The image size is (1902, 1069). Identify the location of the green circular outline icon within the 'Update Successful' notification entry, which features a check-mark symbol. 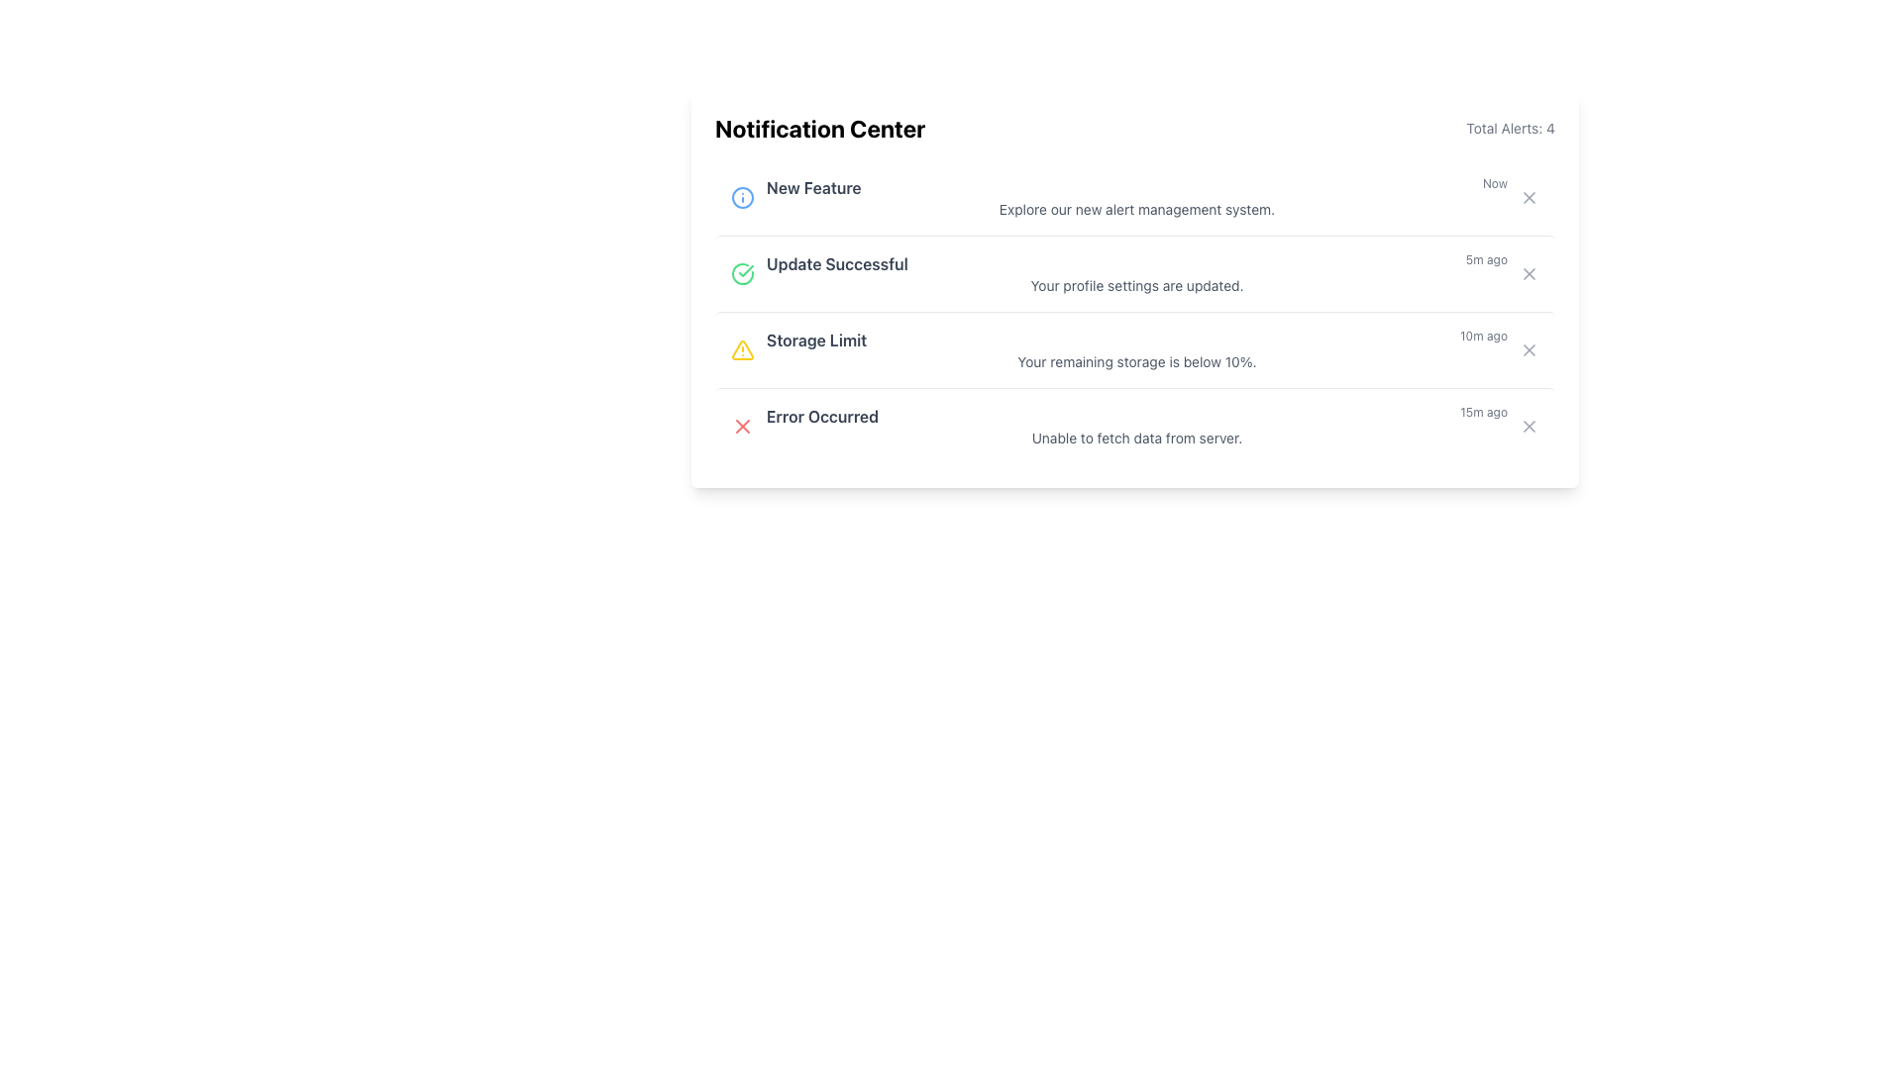
(741, 274).